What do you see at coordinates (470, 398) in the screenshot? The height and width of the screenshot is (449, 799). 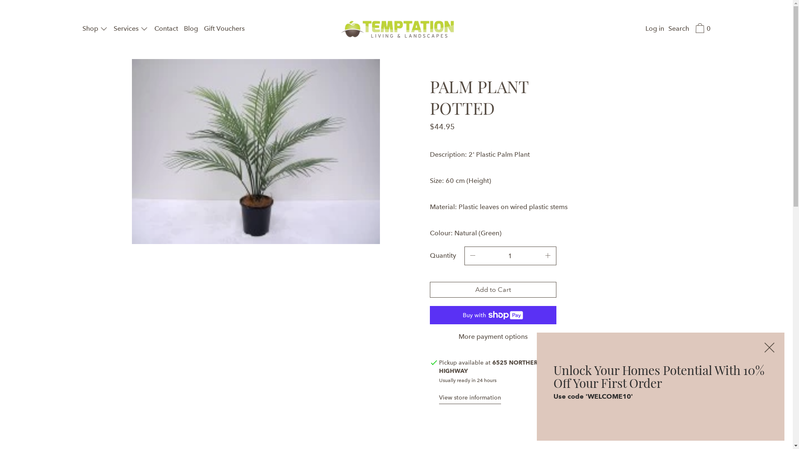 I see `'View store information'` at bounding box center [470, 398].